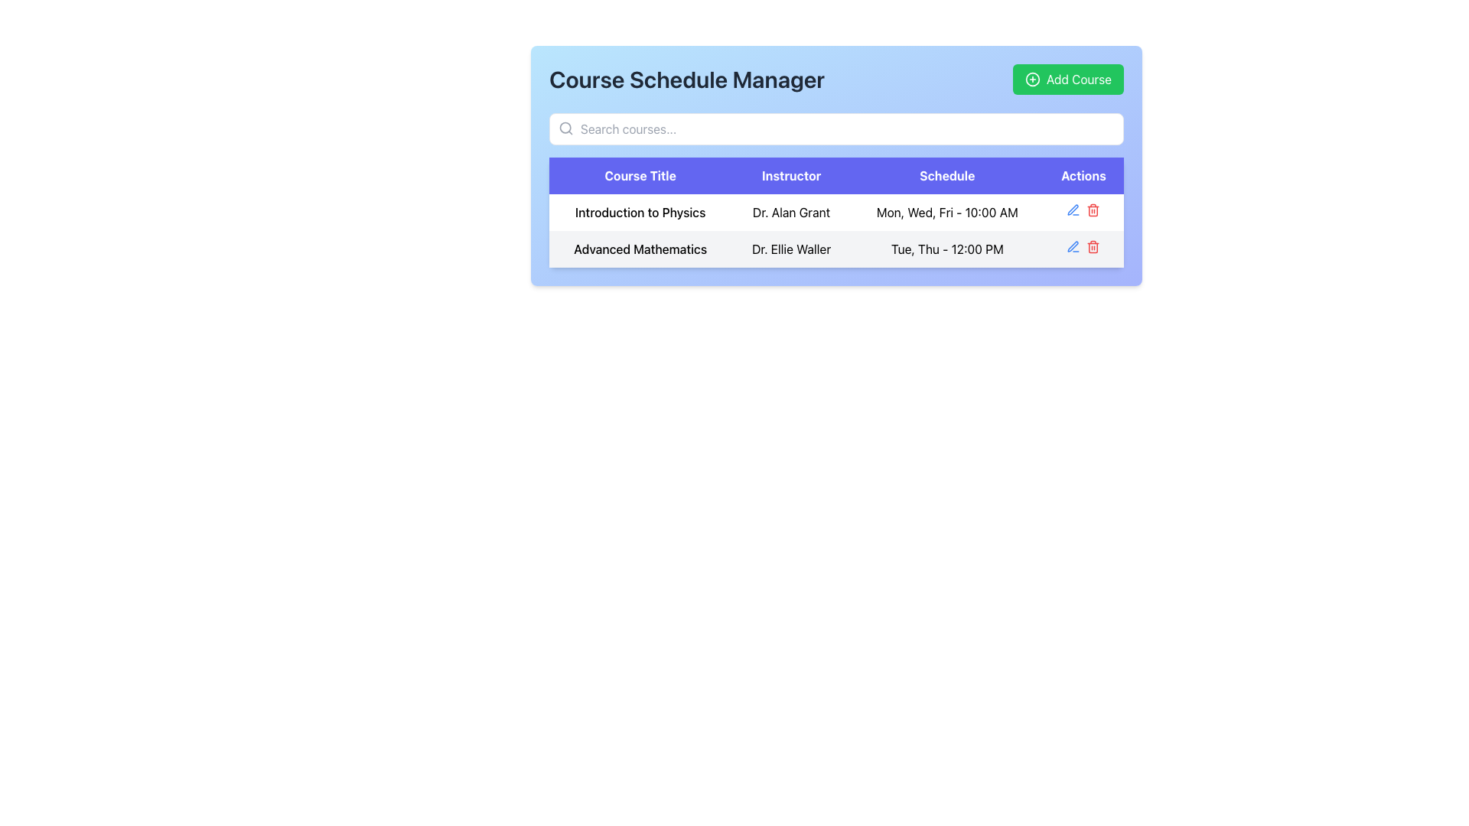 The width and height of the screenshot is (1469, 826). What do you see at coordinates (565, 127) in the screenshot?
I see `the small outlined SVG circle that is part of the magnifying glass shape located on the left side of the search bar` at bounding box center [565, 127].